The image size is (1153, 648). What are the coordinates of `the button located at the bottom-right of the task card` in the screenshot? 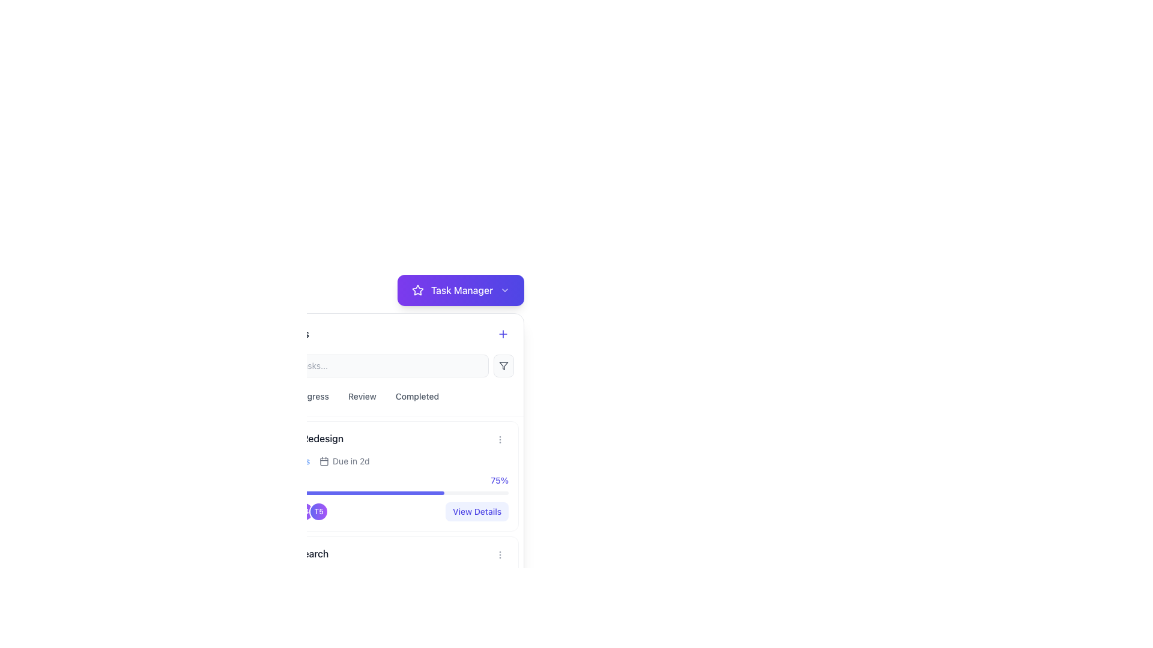 It's located at (500, 439).